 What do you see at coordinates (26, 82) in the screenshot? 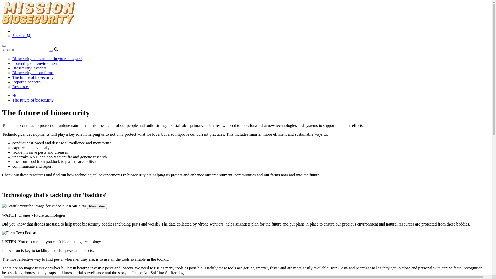
I see `'Report a concern'` at bounding box center [26, 82].